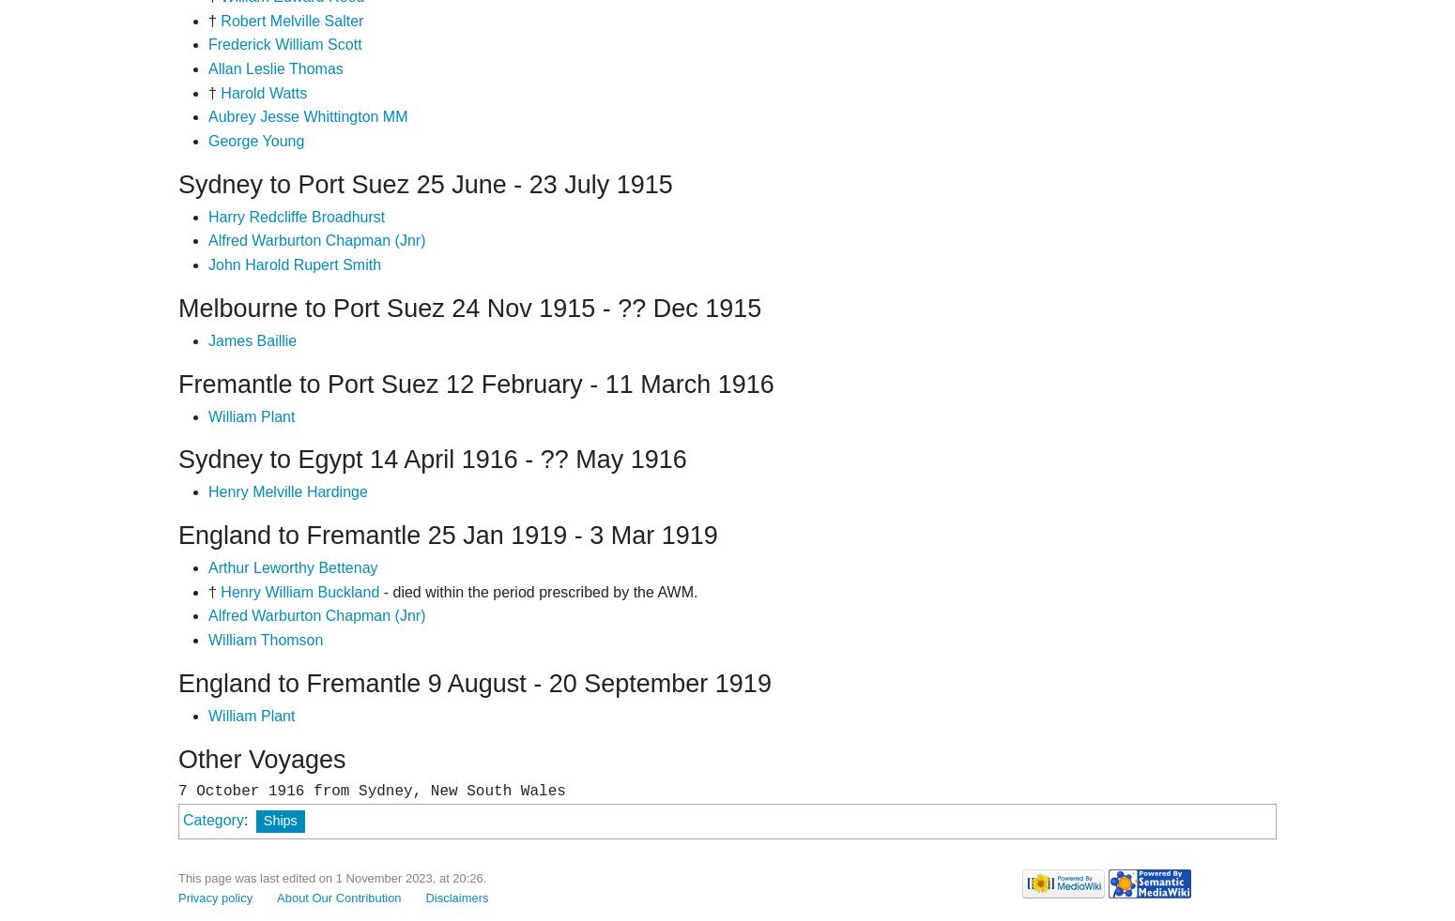  I want to click on 'Henry William Buckland', so click(299, 590).